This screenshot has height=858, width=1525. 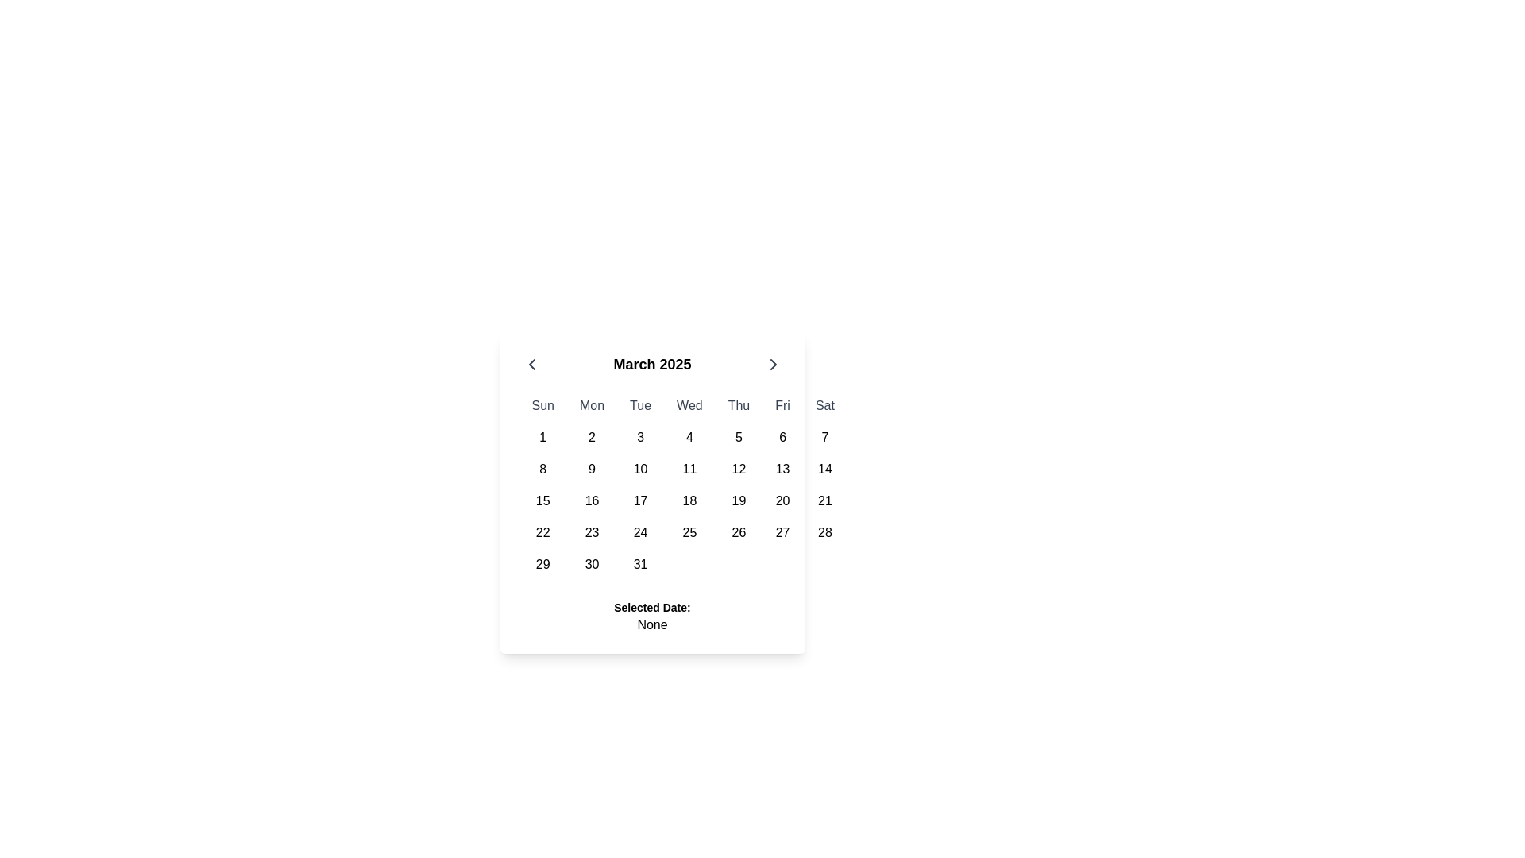 I want to click on the rounded rectangular text element displaying the number '23', so click(x=591, y=533).